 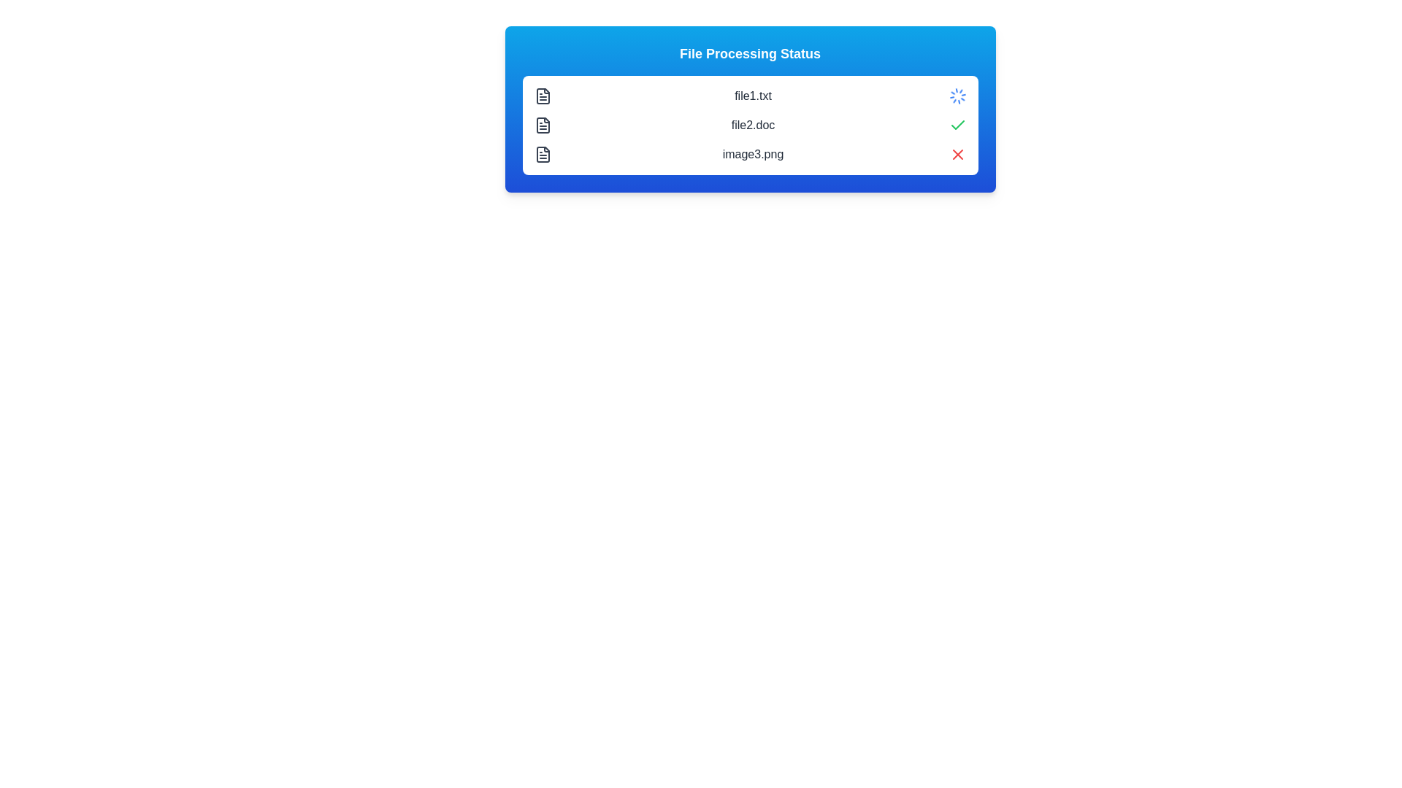 I want to click on the document icon located adjacent to the text 'file2.doc', so click(x=542, y=125).